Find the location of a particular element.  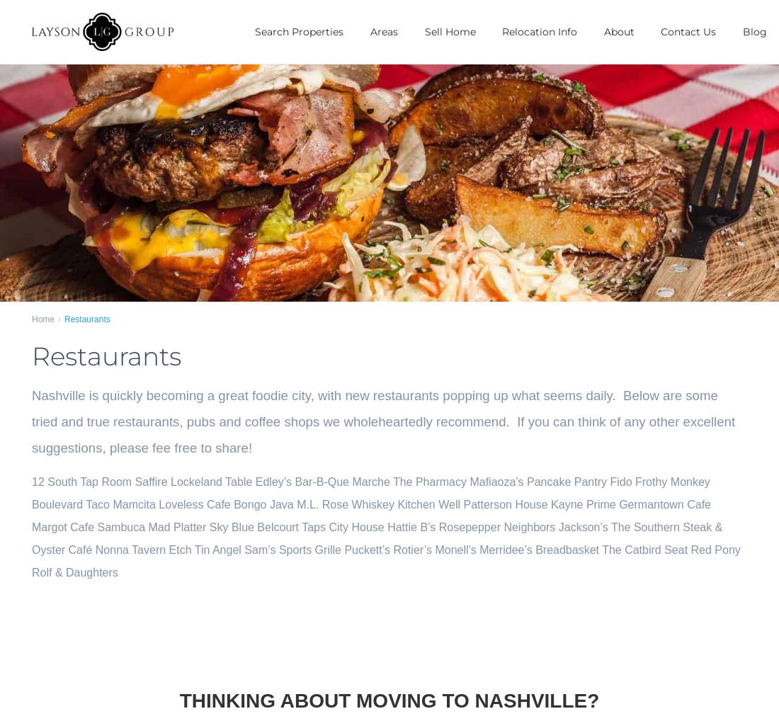

'Cheatham County' is located at coordinates (452, 578).